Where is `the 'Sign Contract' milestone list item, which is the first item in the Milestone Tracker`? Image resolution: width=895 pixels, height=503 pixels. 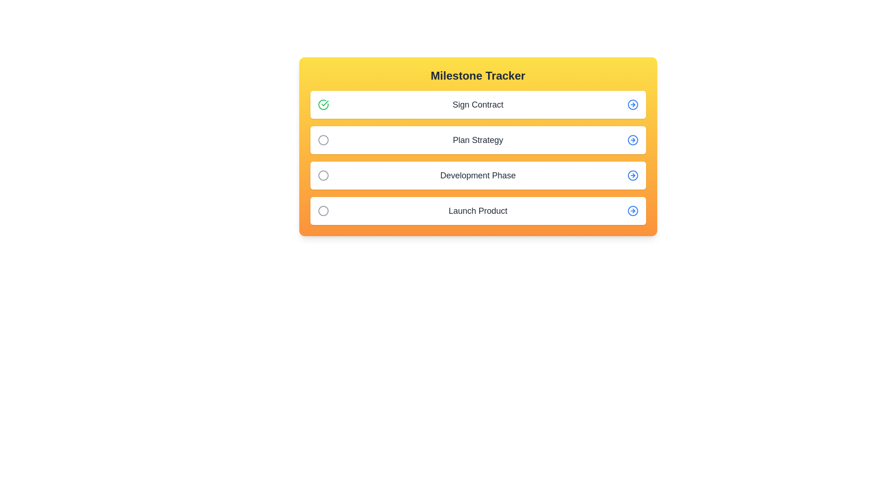
the 'Sign Contract' milestone list item, which is the first item in the Milestone Tracker is located at coordinates (478, 104).